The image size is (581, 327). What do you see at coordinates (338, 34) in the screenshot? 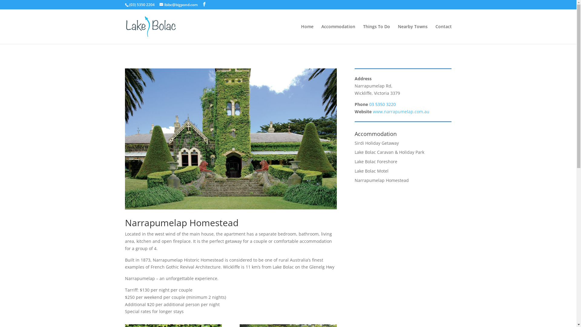
I see `'Accommodation'` at bounding box center [338, 34].